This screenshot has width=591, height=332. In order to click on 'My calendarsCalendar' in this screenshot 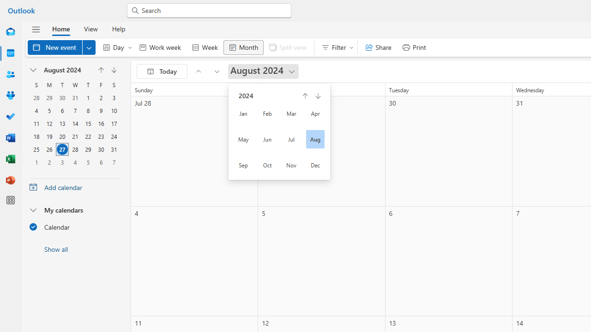, I will do `click(75, 221)`.